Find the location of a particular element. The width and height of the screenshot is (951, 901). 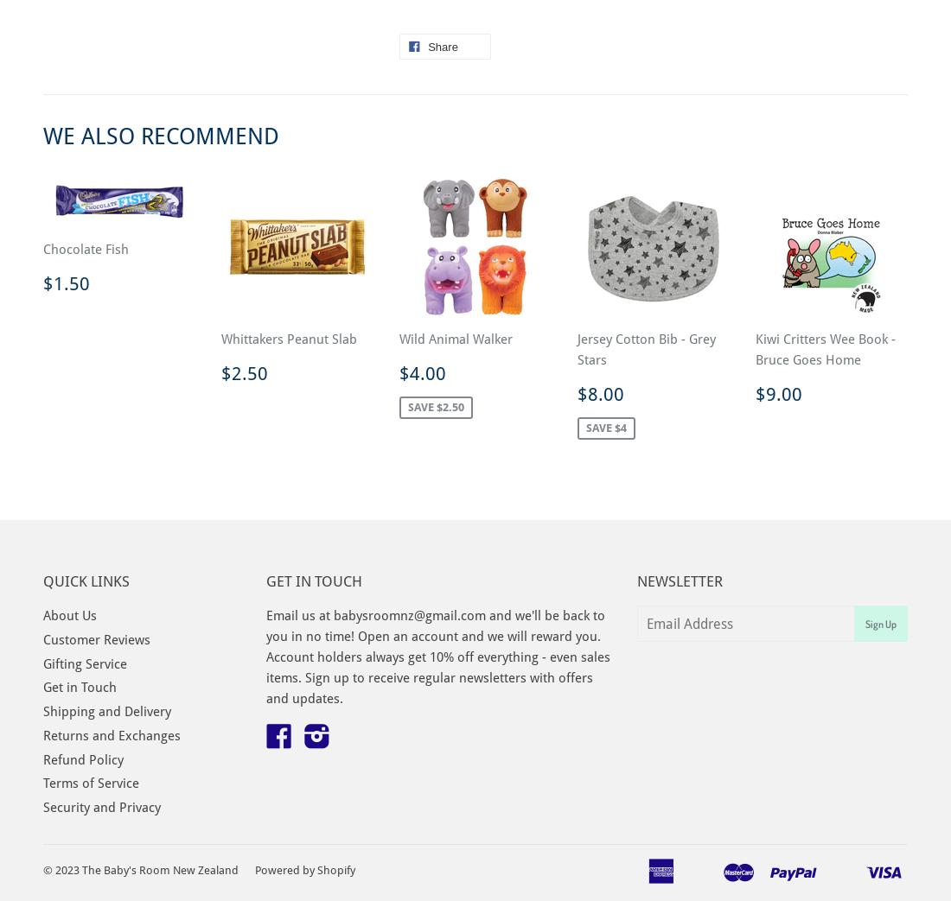

'Customer Reviews' is located at coordinates (96, 639).